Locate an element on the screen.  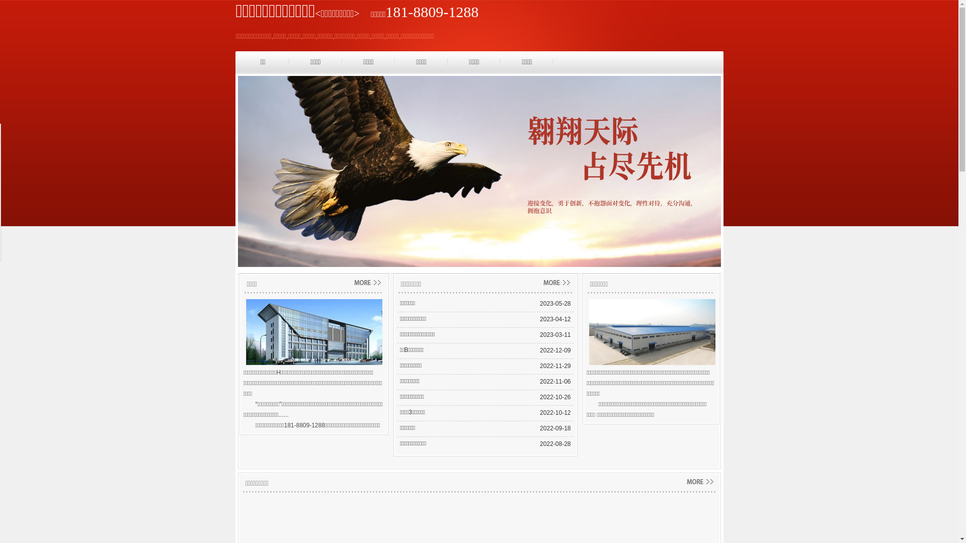
'2022-10-12' is located at coordinates (554, 413).